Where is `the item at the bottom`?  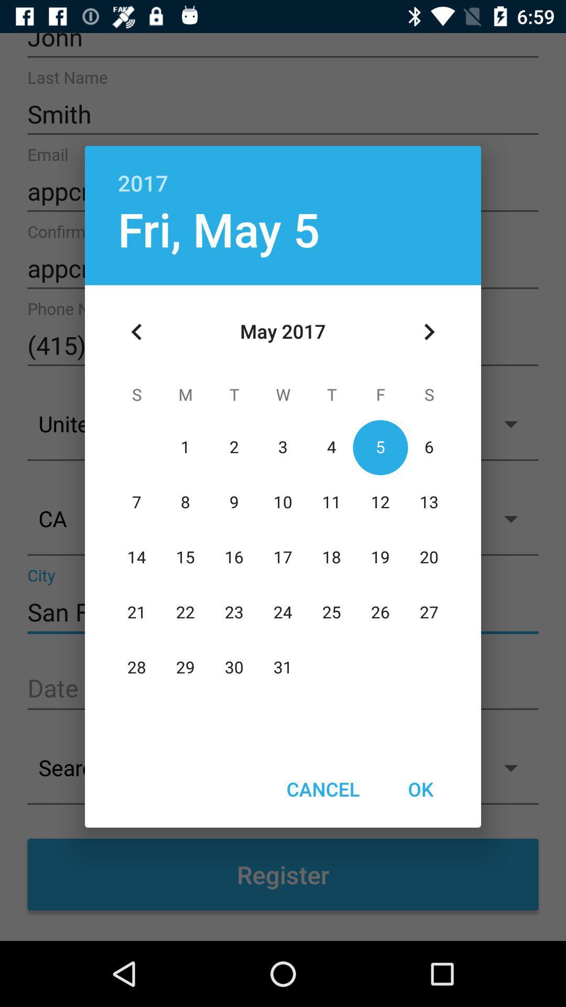
the item at the bottom is located at coordinates (322, 789).